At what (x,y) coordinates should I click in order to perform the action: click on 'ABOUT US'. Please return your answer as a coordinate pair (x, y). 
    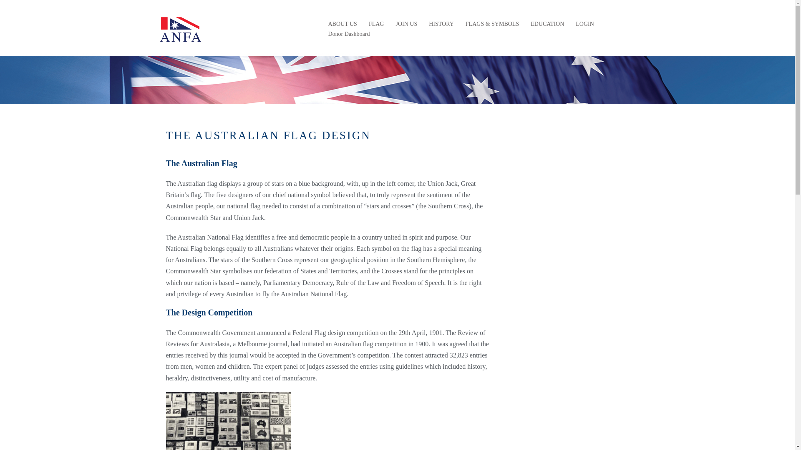
    Looking at the image, I should click on (342, 23).